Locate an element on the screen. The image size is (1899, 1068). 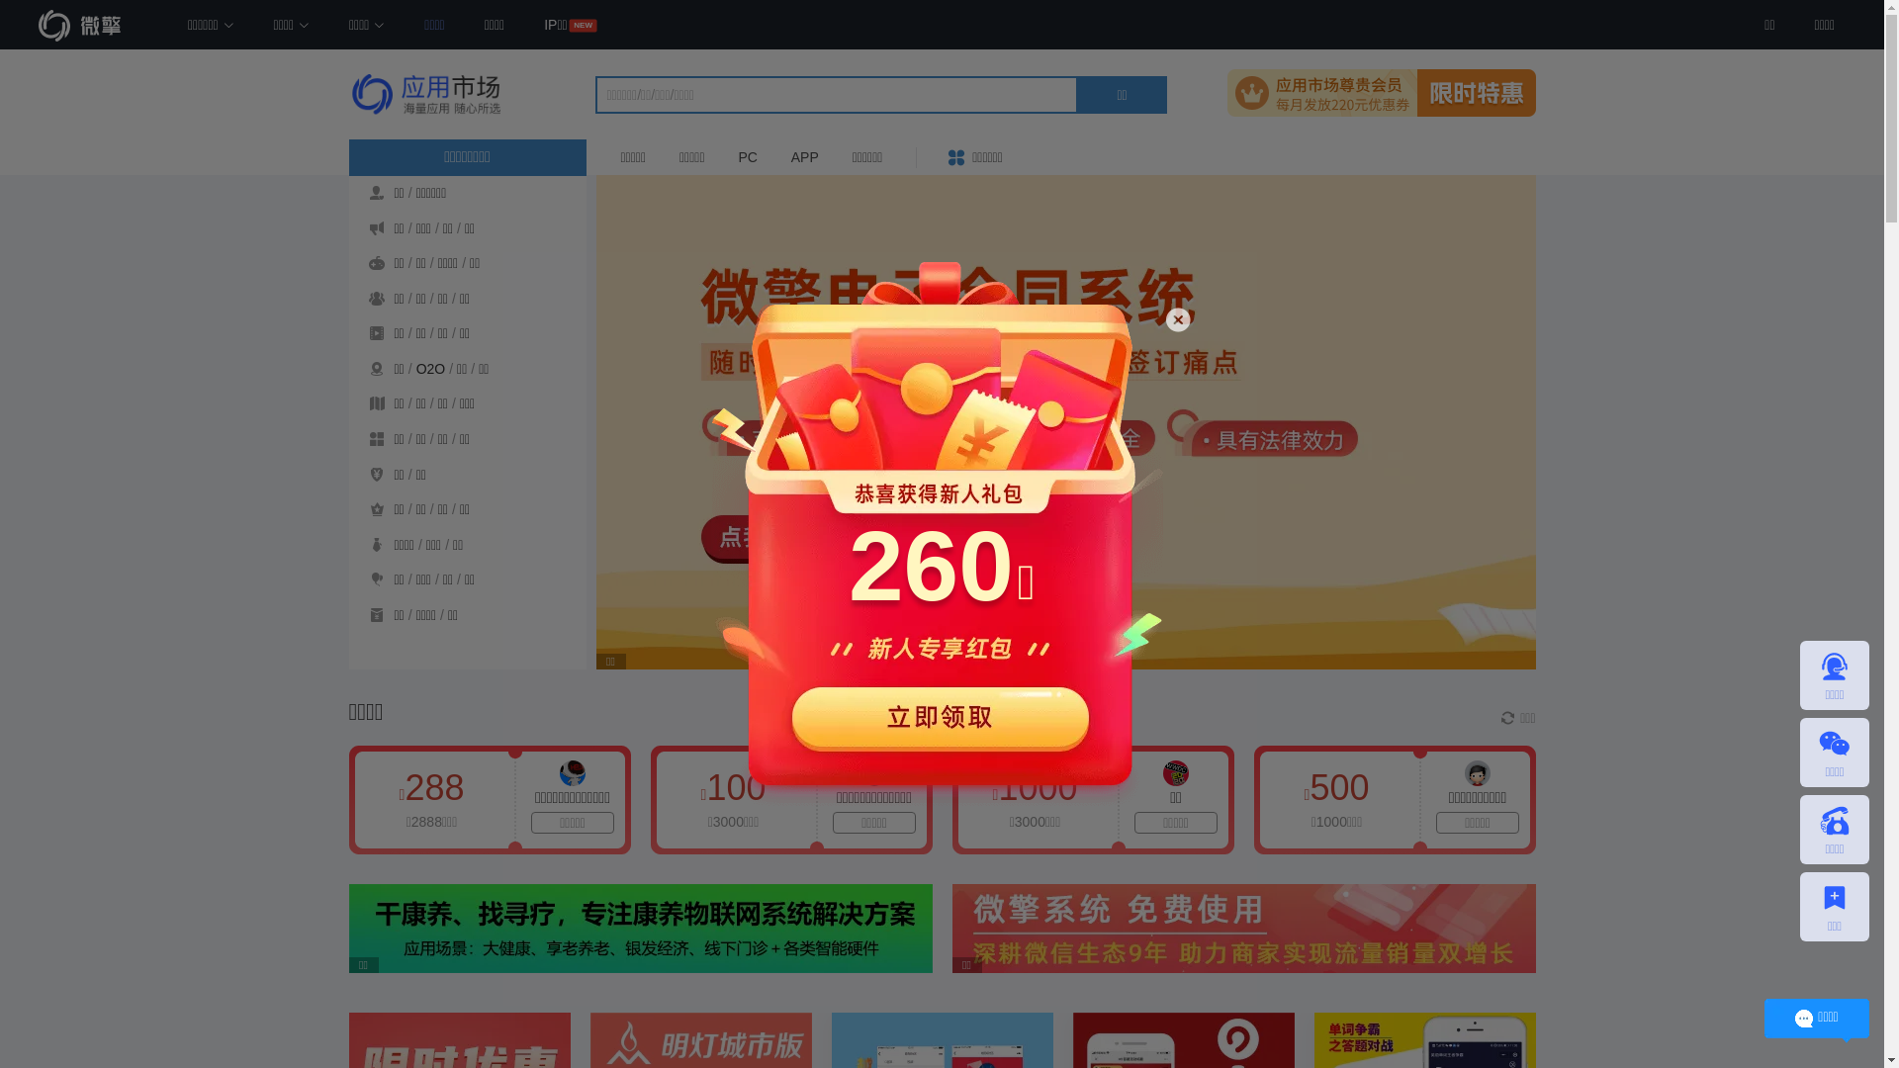
'PC' is located at coordinates (721, 155).